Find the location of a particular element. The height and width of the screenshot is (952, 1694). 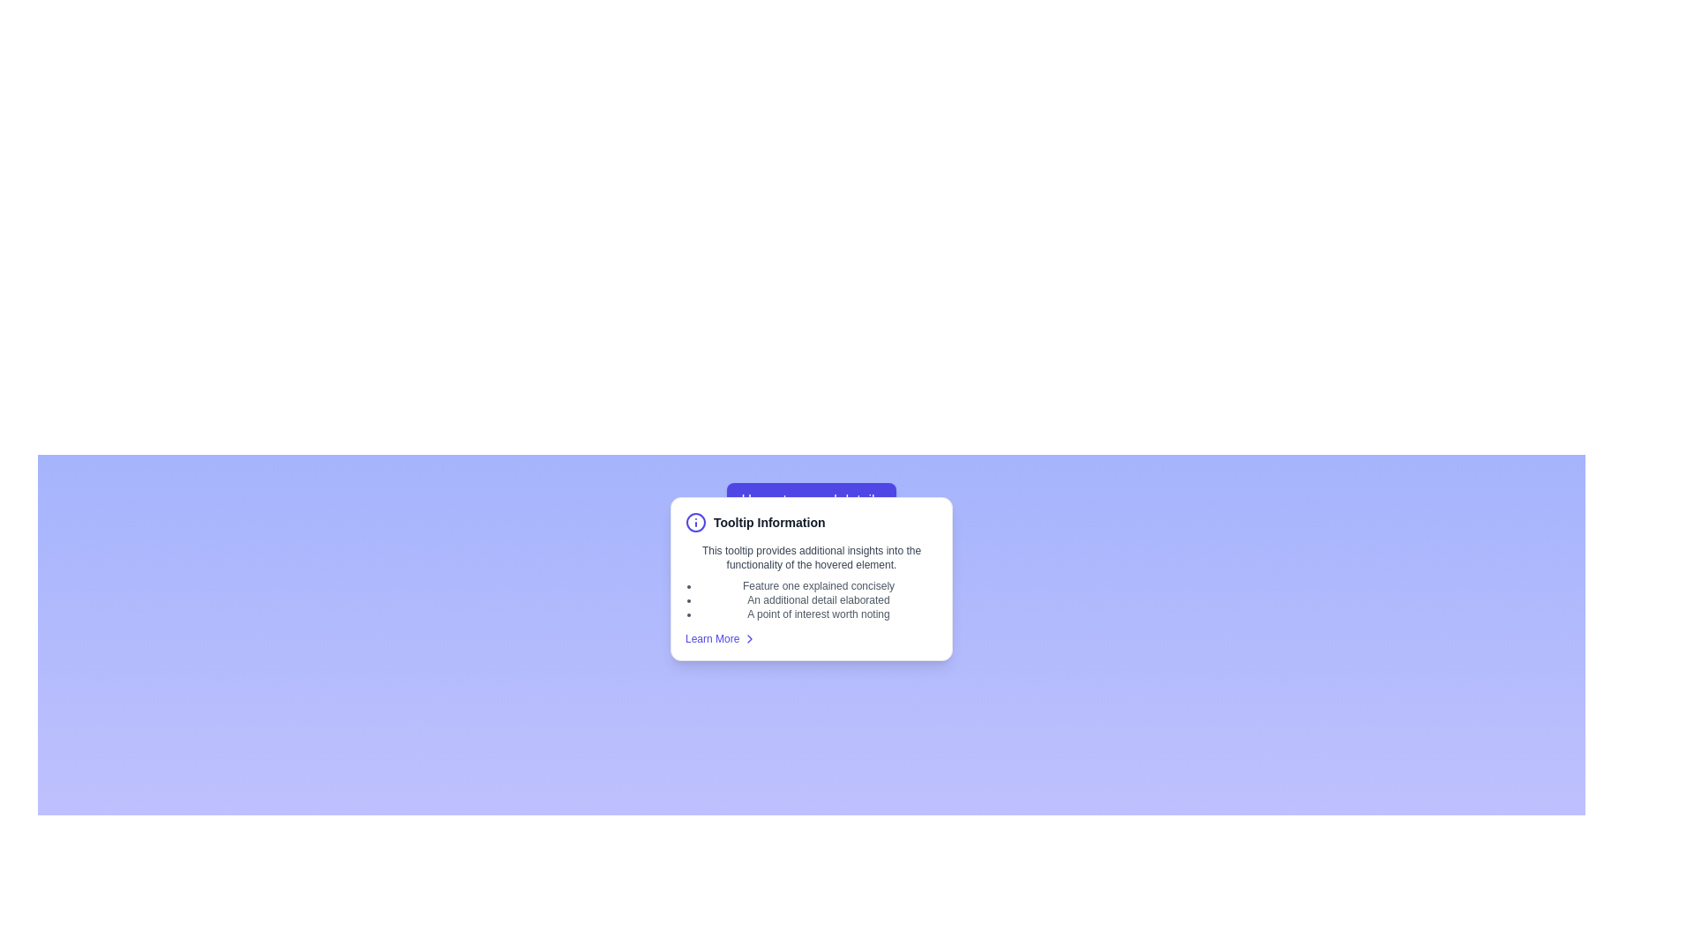

text of the Text Label that reads 'A point of interest worth noting', which is styled in a smaller gray font and is the third item in a bulleted list within a tooltip is located at coordinates (817, 614).